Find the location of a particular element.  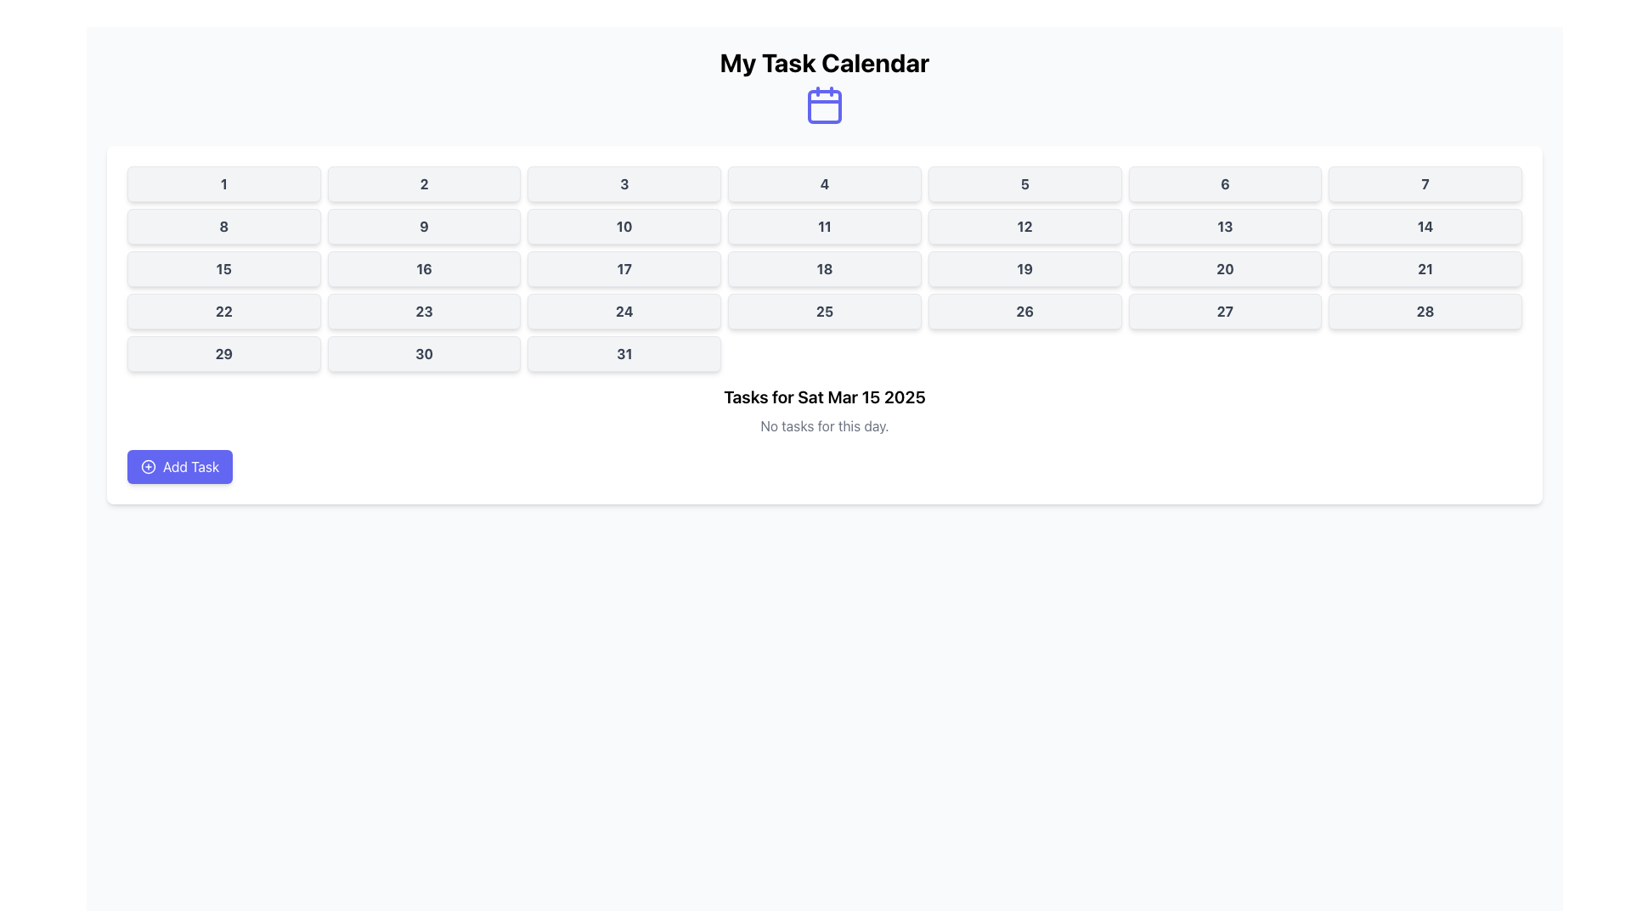

the button displaying the number '5' with a light gray background in the grid-like calendar structure is located at coordinates (1024, 183).